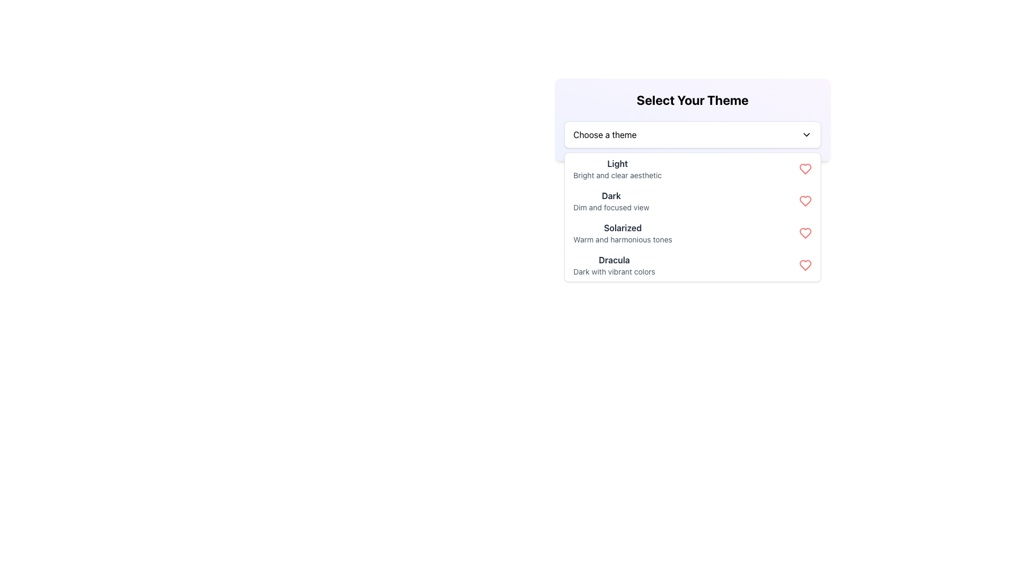 This screenshot has width=1027, height=578. I want to click on the heart icon on the far right side of the row associated with the 'Dark' theme option to mark it as a favorite, so click(806, 201).